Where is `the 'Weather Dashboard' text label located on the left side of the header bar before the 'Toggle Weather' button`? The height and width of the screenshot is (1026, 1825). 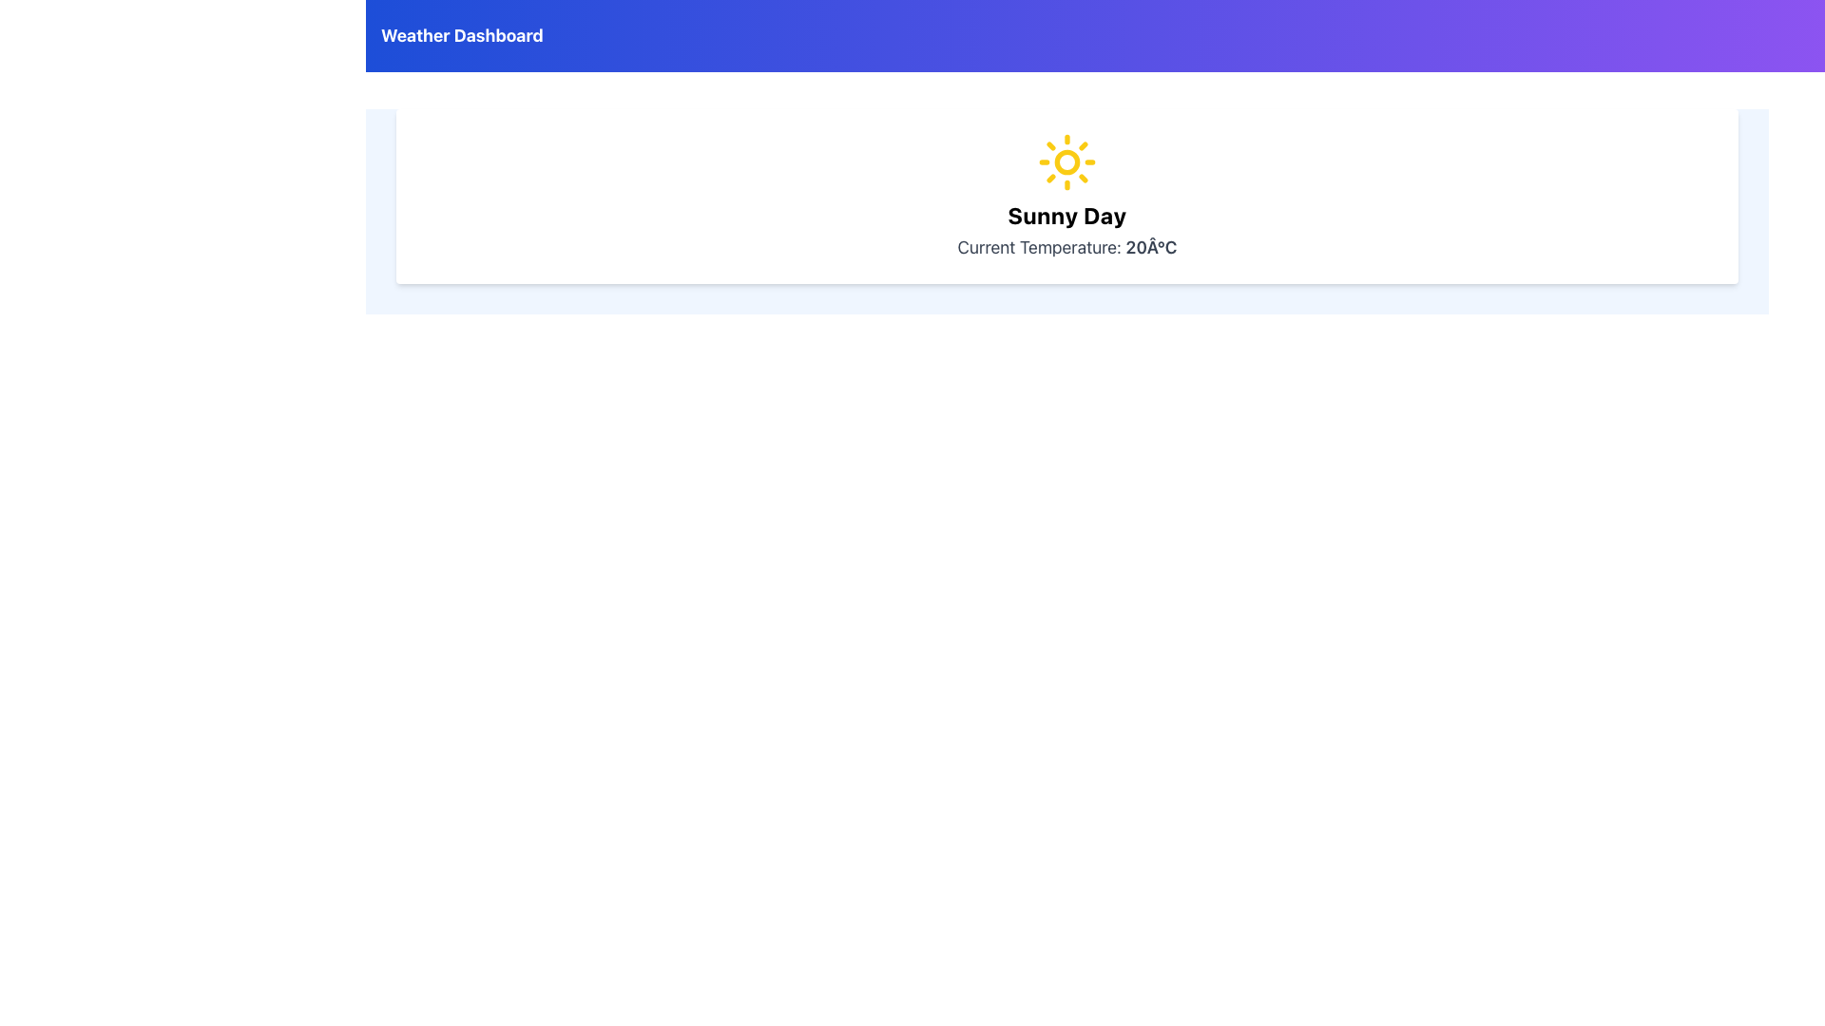 the 'Weather Dashboard' text label located on the left side of the header bar before the 'Toggle Weather' button is located at coordinates (462, 36).